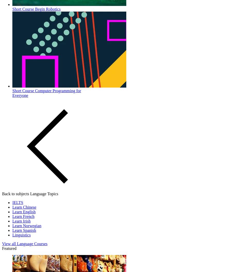  Describe the element at coordinates (15, 193) in the screenshot. I see `'Back to subjects'` at that location.